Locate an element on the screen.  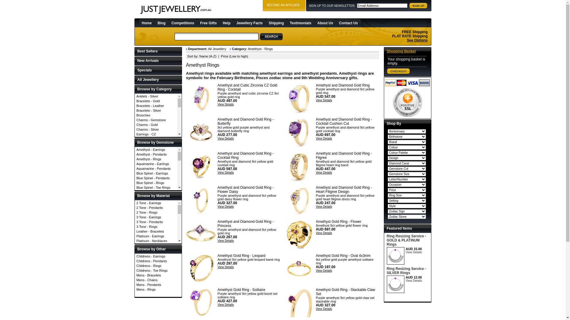
'Blue Spinel - Earrings' is located at coordinates (156, 173).